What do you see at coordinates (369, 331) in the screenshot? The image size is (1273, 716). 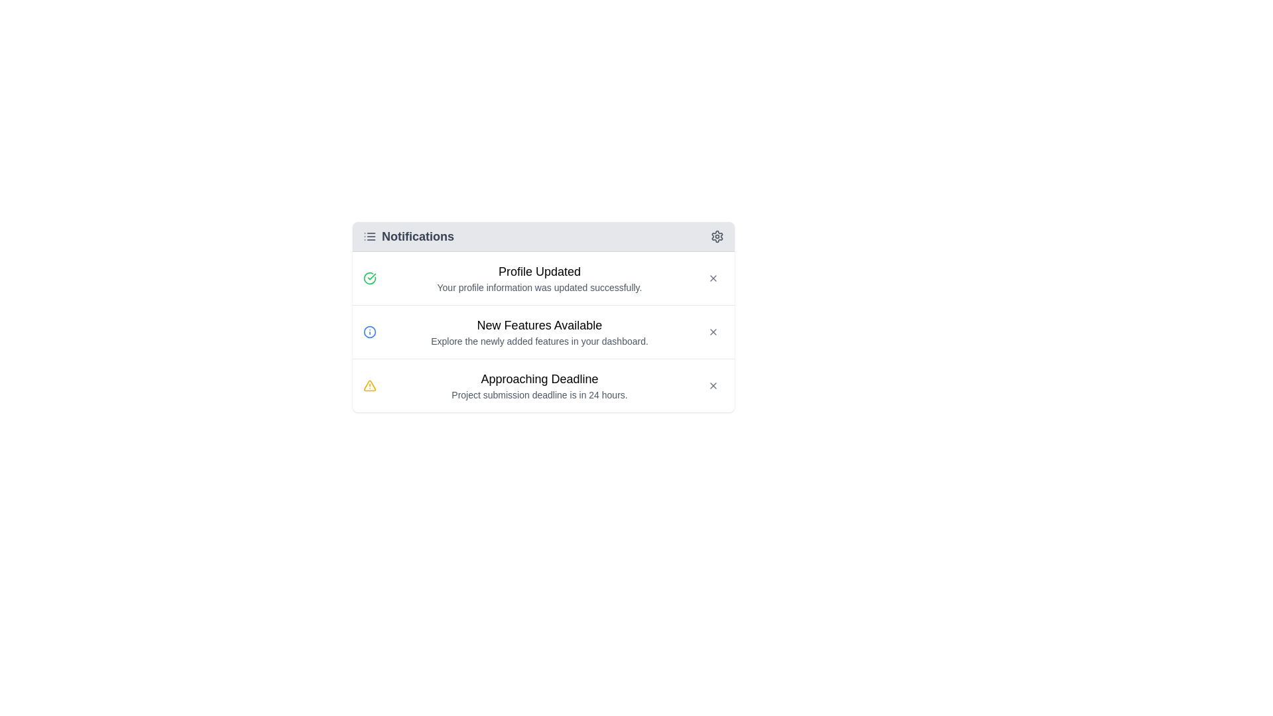 I see `the circular icon with a blue outline and an exclamation mark symbol, located at the leftmost side of the 'New Features Available' notification card` at bounding box center [369, 331].